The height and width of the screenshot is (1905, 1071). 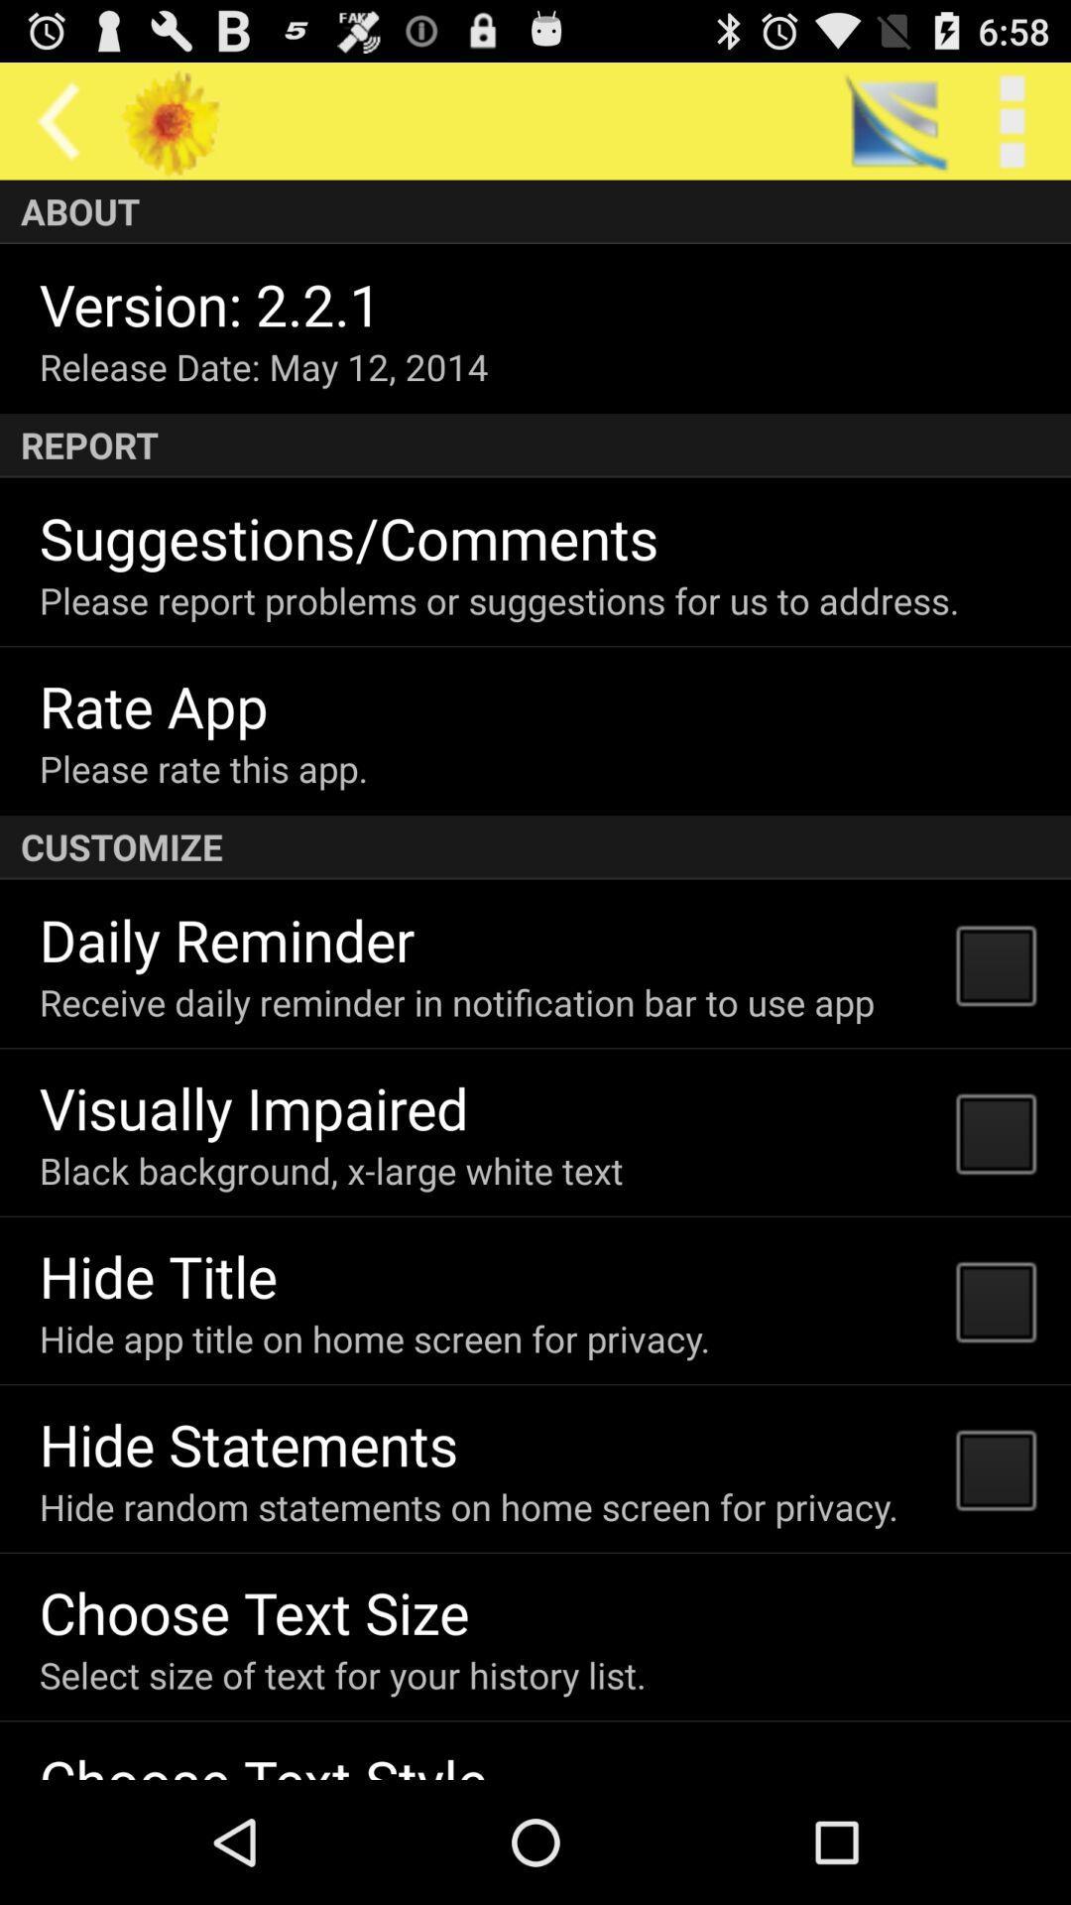 What do you see at coordinates (1011, 120) in the screenshot?
I see `the item above about app` at bounding box center [1011, 120].